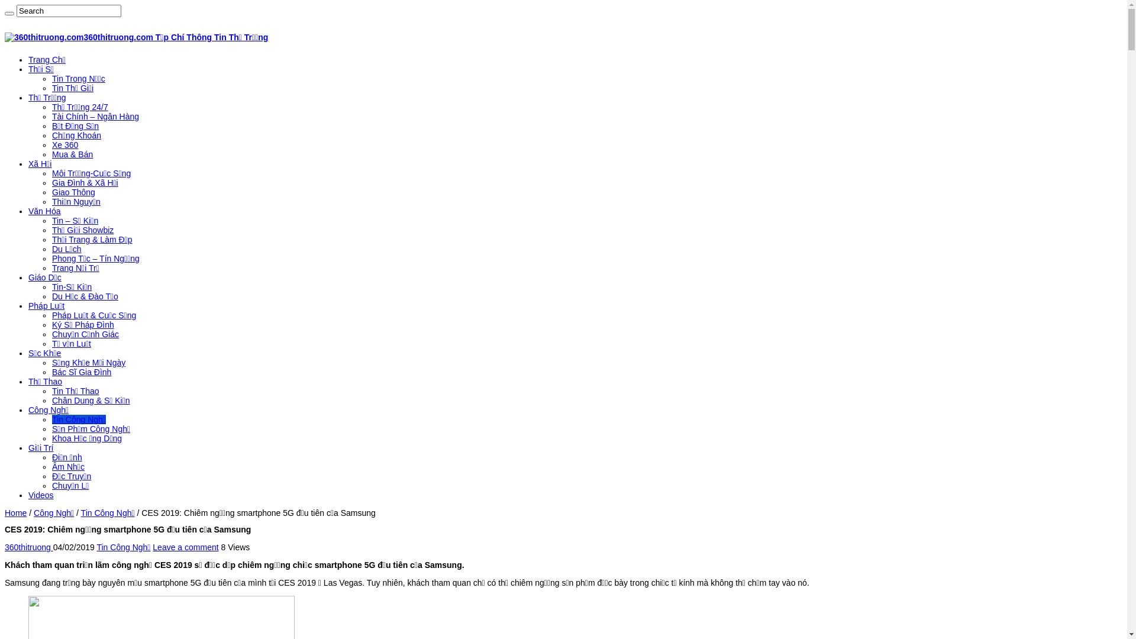  Describe the element at coordinates (41, 495) in the screenshot. I see `'Videos'` at that location.